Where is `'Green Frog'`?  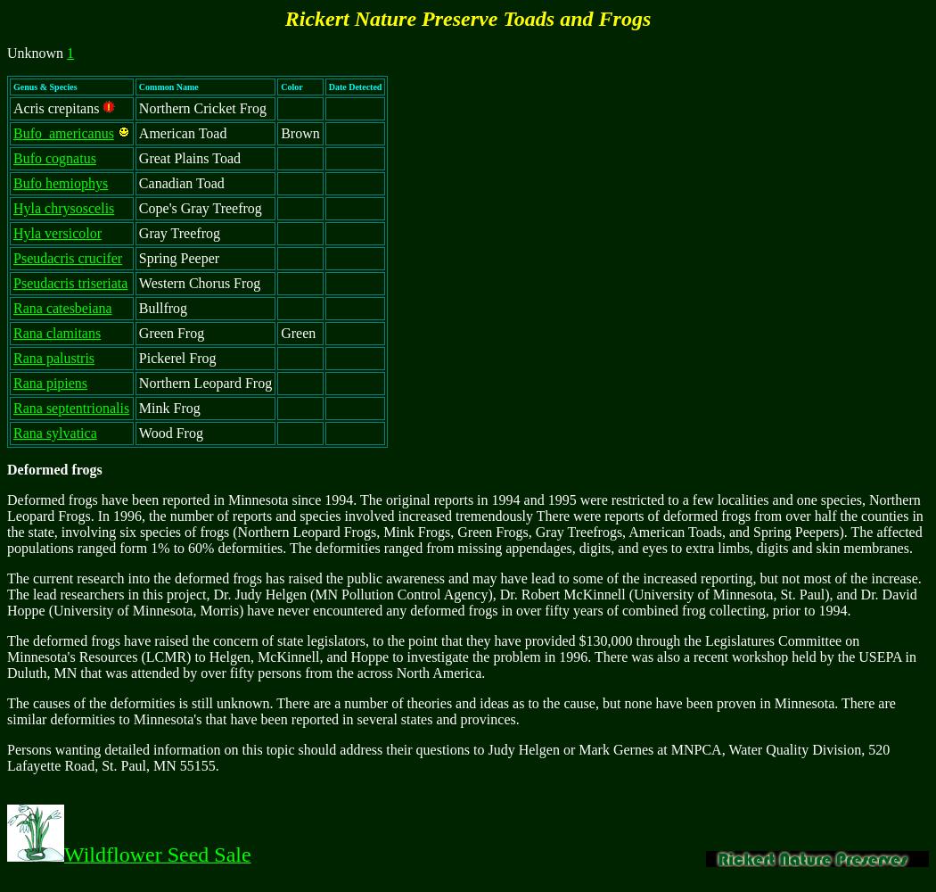 'Green Frog' is located at coordinates (170, 332).